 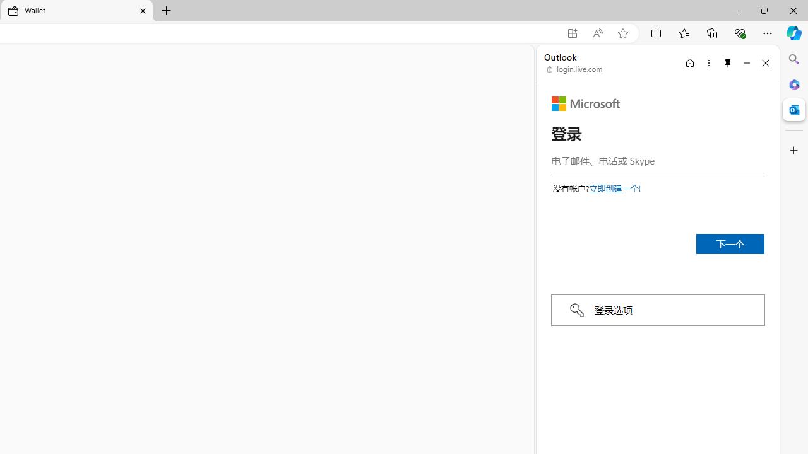 What do you see at coordinates (574, 69) in the screenshot?
I see `'login.live.com'` at bounding box center [574, 69].